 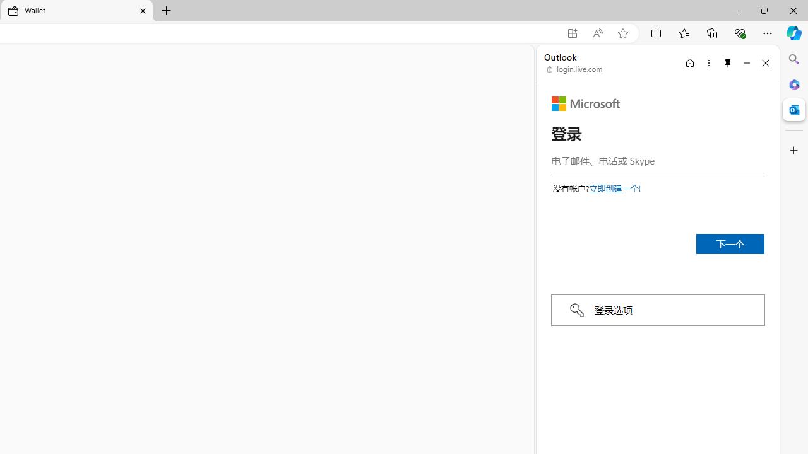 What do you see at coordinates (574, 69) in the screenshot?
I see `'login.live.com'` at bounding box center [574, 69].